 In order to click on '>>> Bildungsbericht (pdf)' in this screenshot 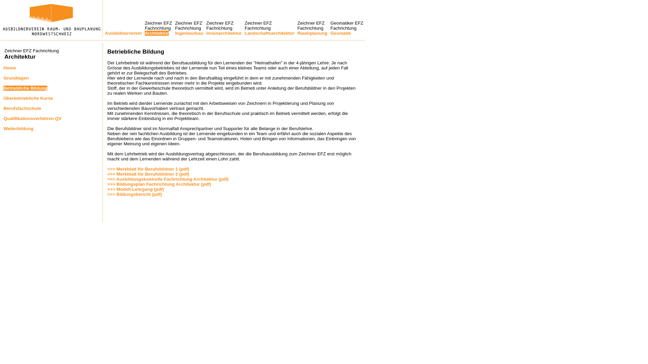, I will do `click(107, 194)`.